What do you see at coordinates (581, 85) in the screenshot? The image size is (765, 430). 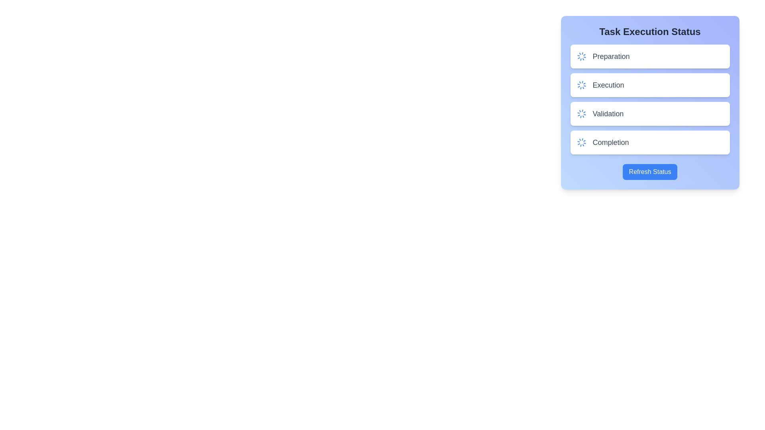 I see `the animated icon located to the left of the text 'Execution' in the second row of the vertically stacked list inside the card labeled 'Task Execution Status'` at bounding box center [581, 85].